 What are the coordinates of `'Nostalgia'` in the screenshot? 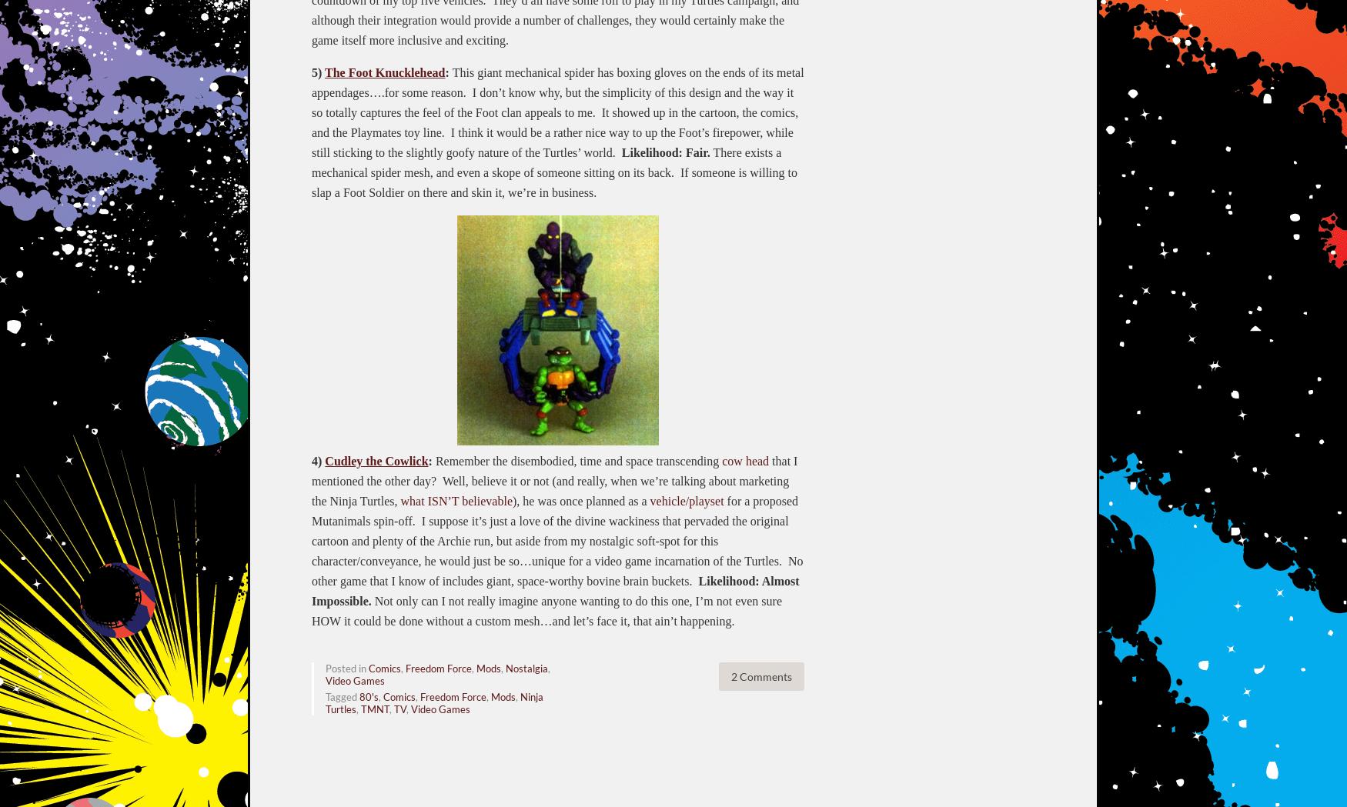 It's located at (504, 668).